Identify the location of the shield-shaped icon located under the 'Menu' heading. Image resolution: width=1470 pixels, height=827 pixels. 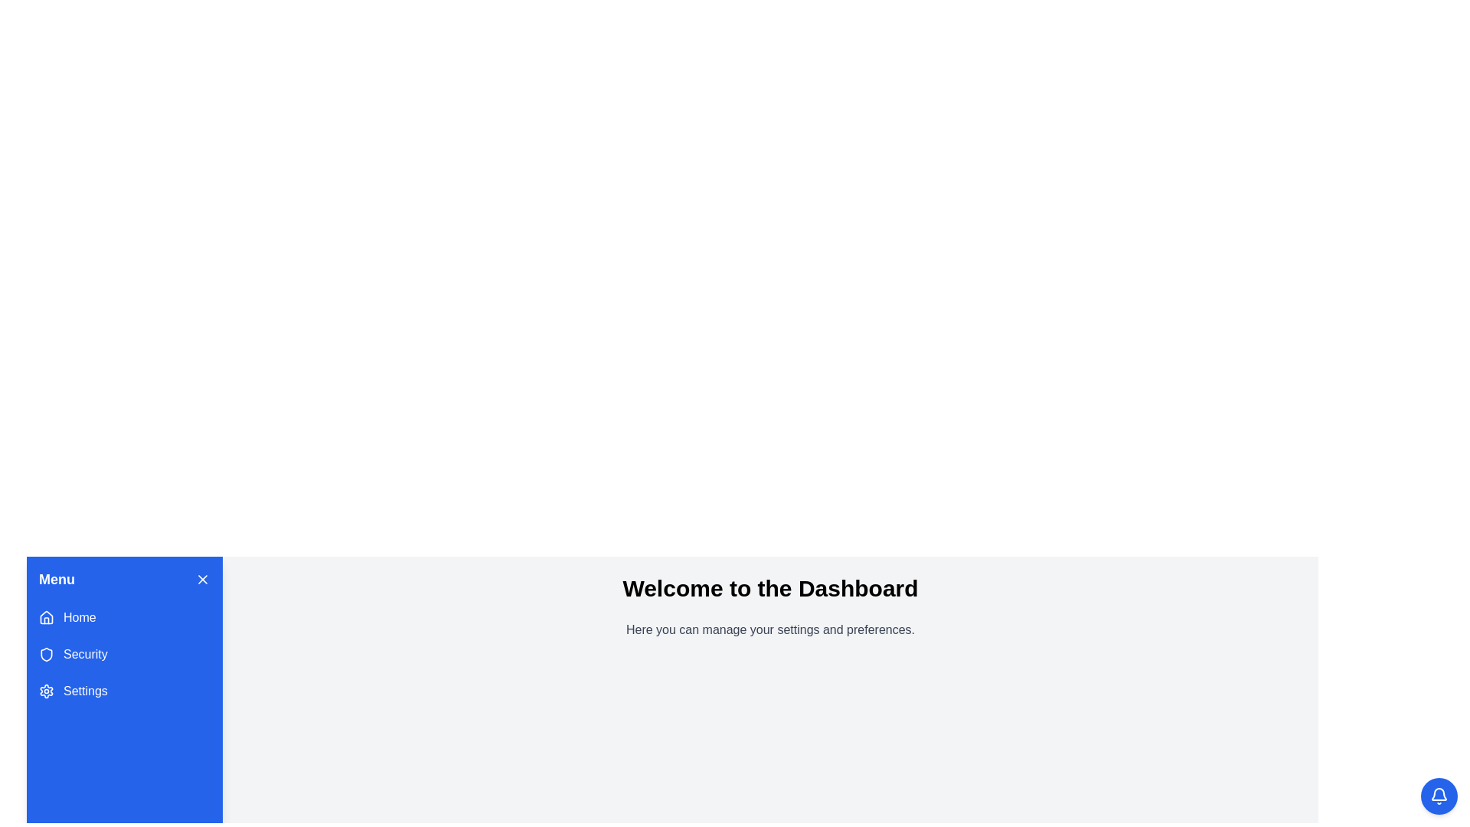
(47, 655).